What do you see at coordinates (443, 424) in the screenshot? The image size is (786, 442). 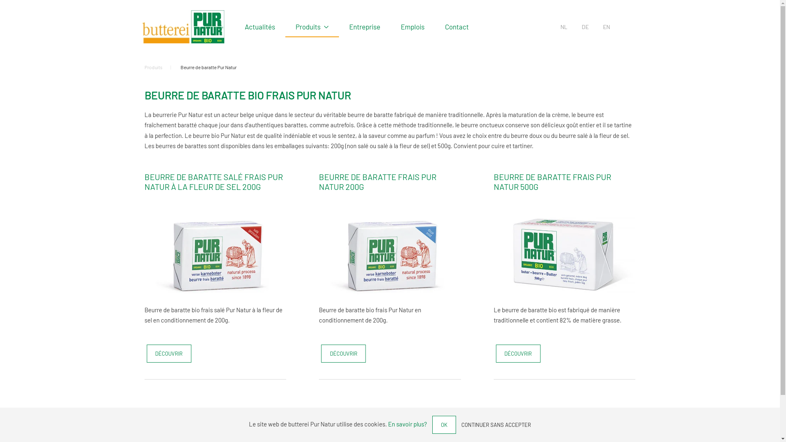 I see `'OK'` at bounding box center [443, 424].